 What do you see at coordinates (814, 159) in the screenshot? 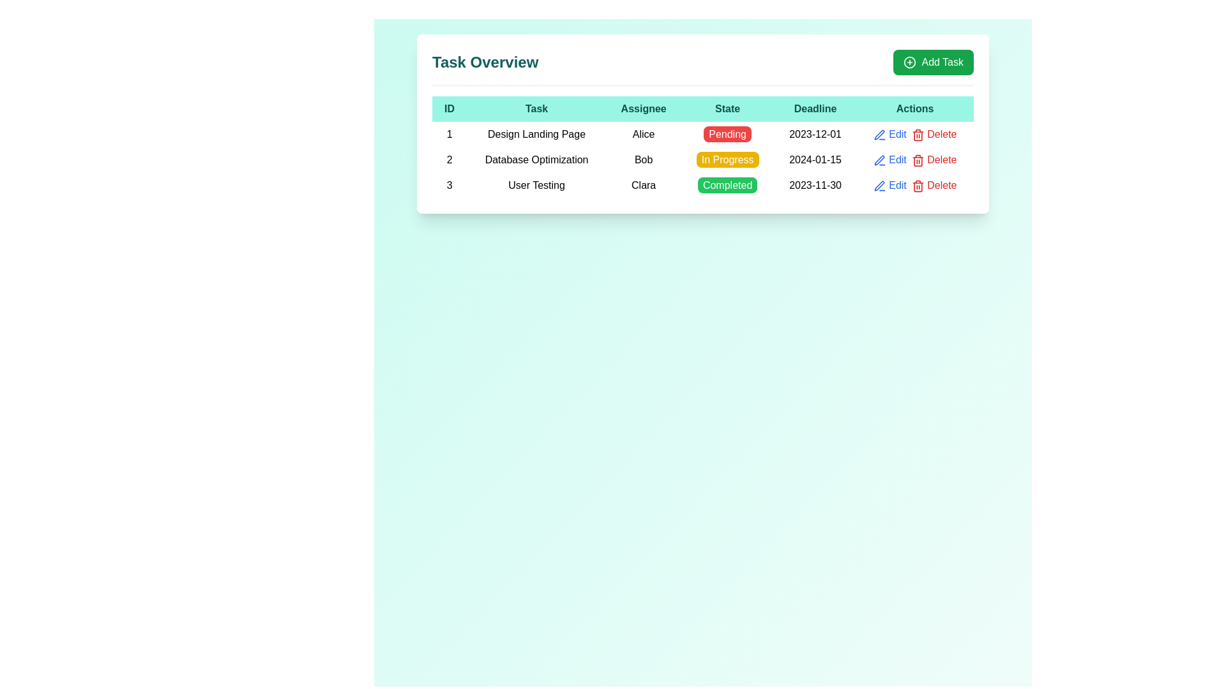
I see `the Text label representing the deadline for the task, located in the 'Deadline' column of the second row in the table` at bounding box center [814, 159].